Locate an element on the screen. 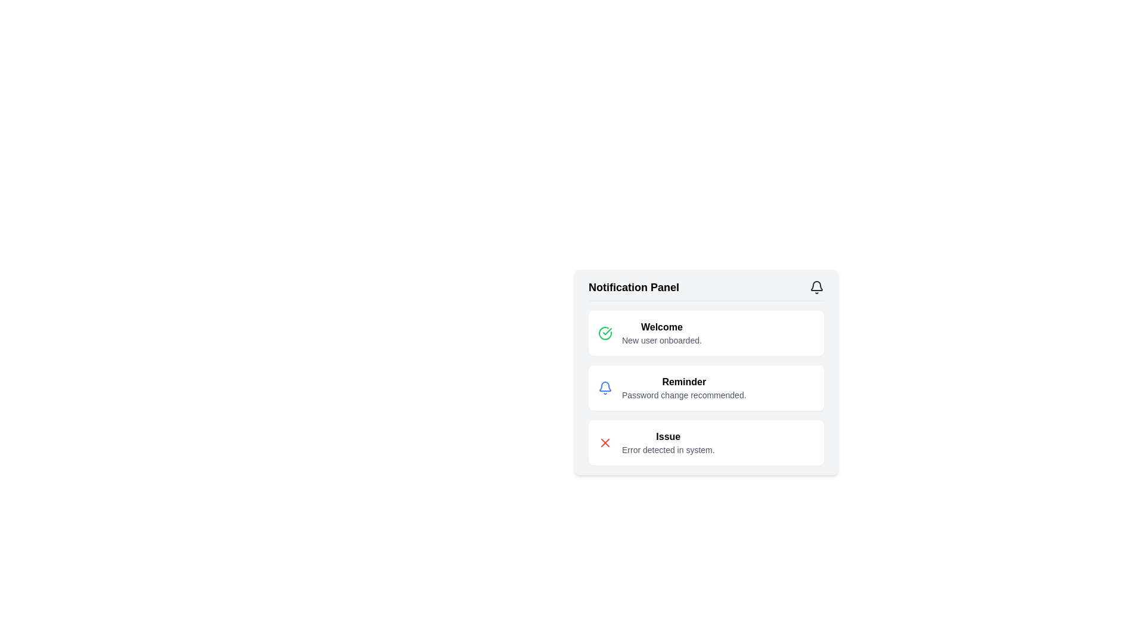 This screenshot has height=643, width=1144. the notification bell icon in the top-right corner of the Notification Panel is located at coordinates (816, 287).